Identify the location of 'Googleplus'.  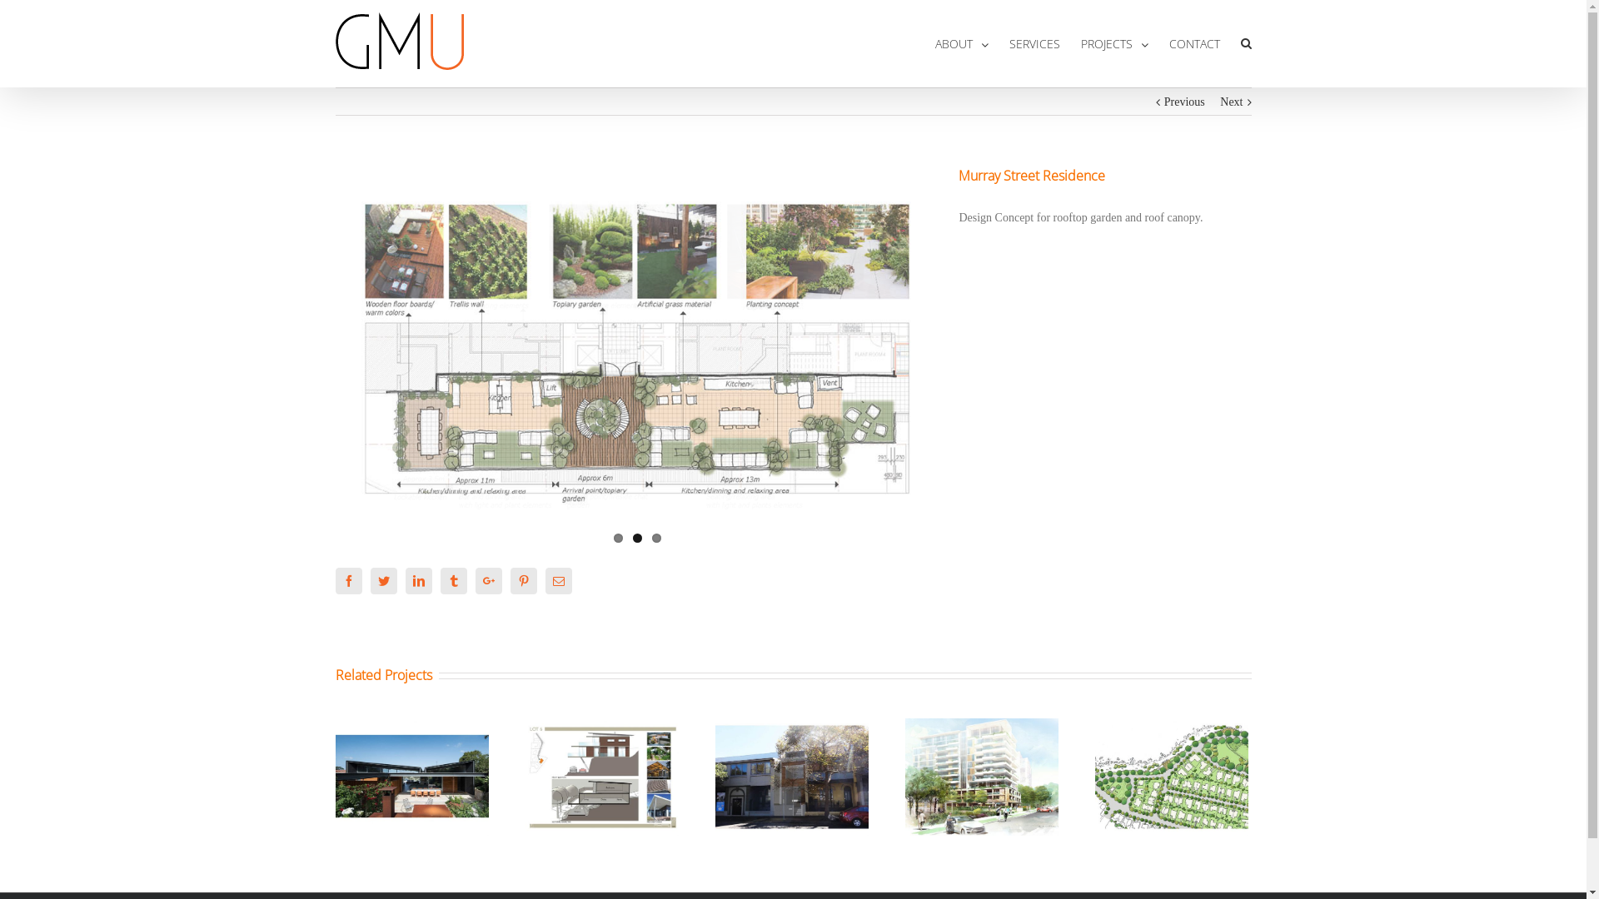
(474, 580).